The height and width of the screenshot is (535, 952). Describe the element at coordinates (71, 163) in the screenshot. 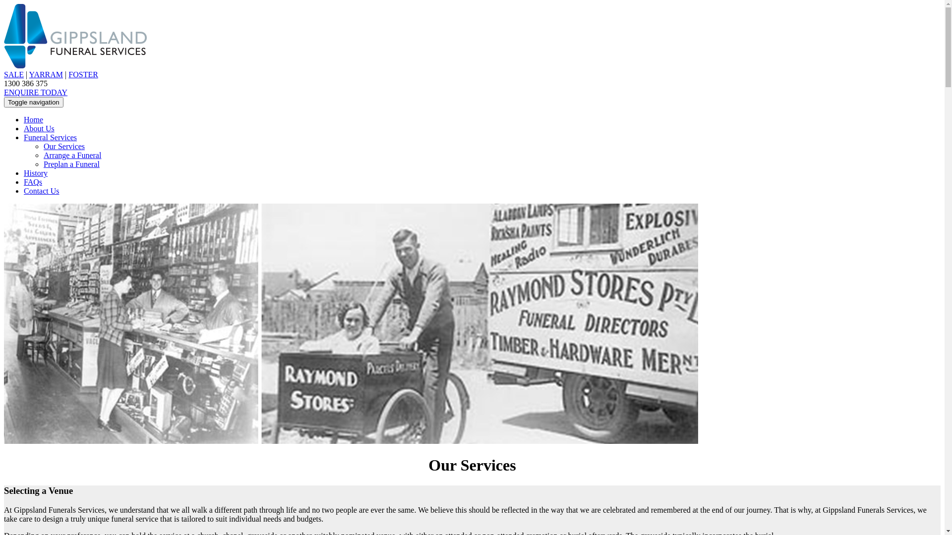

I see `'Preplan a Funeral'` at that location.